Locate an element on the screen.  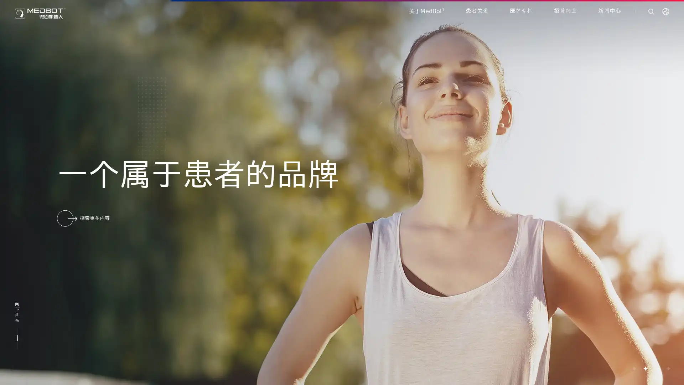
Go to slide 2 is located at coordinates (645, 368).